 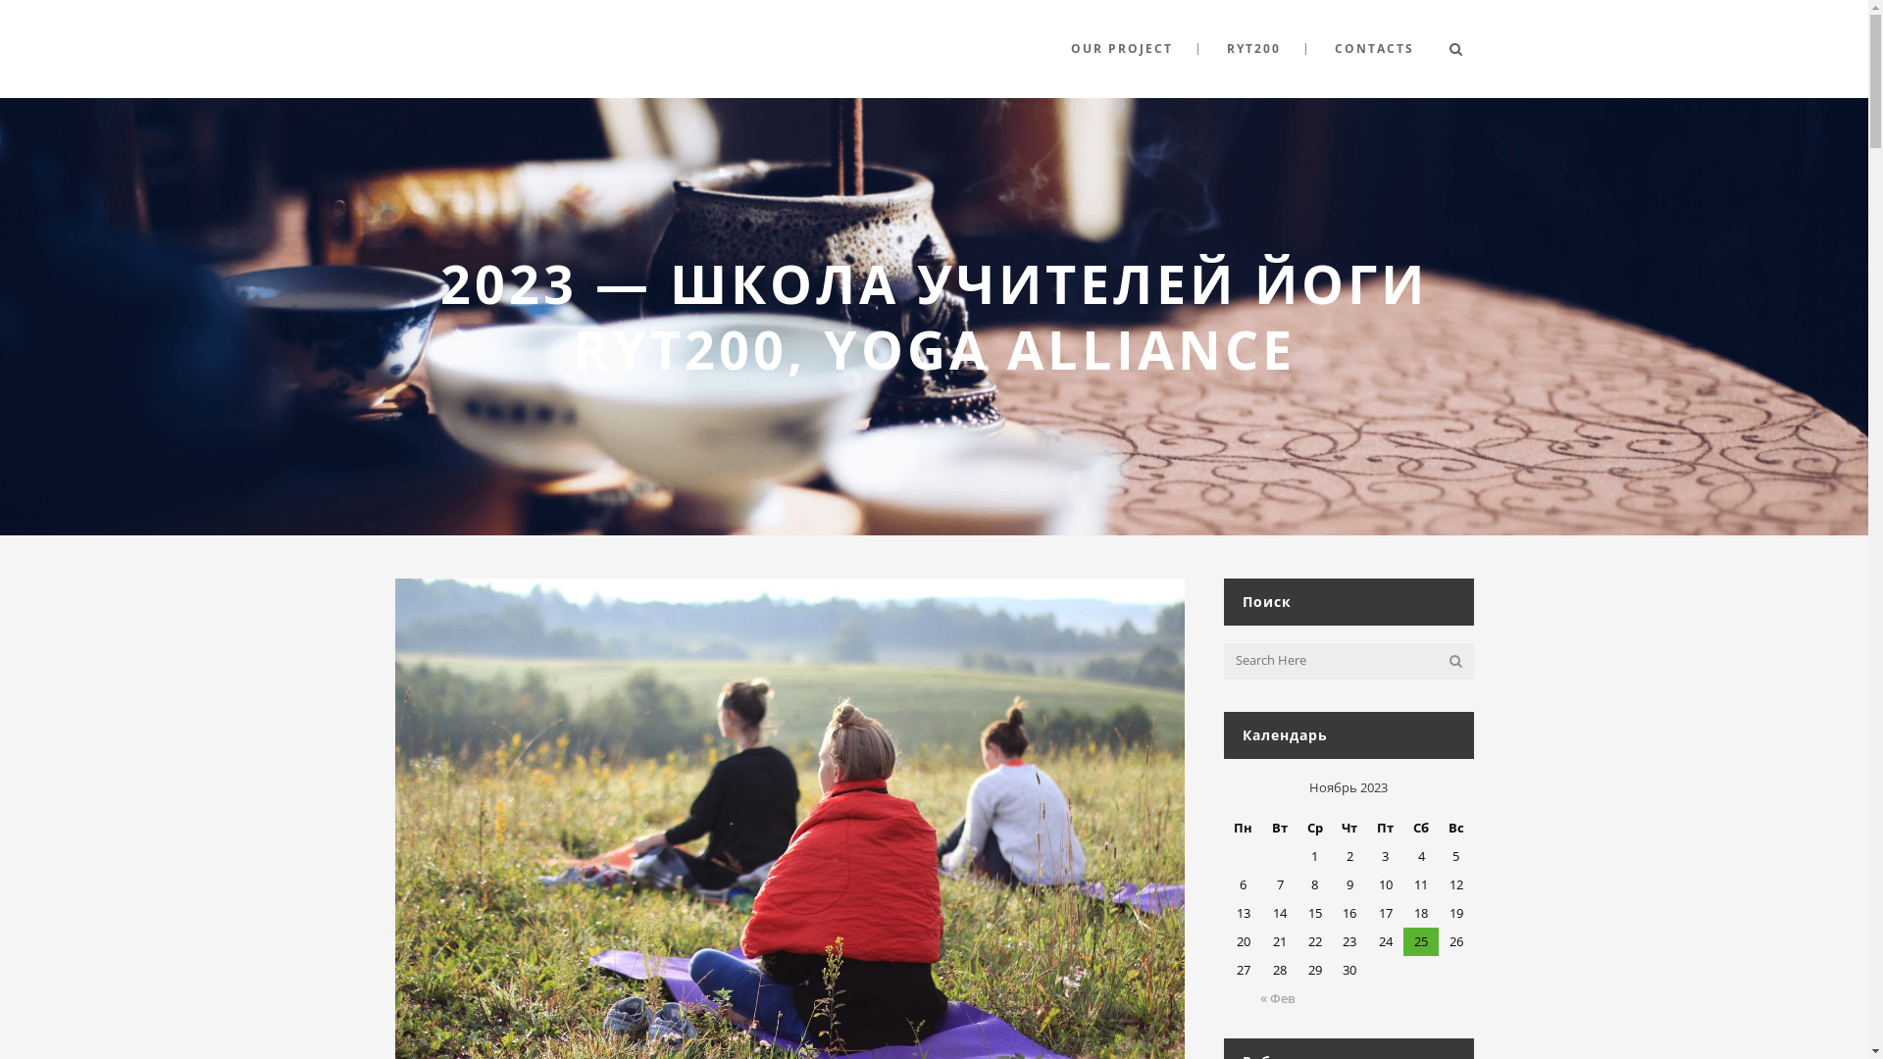 What do you see at coordinates (1372, 48) in the screenshot?
I see `'CONTACTS'` at bounding box center [1372, 48].